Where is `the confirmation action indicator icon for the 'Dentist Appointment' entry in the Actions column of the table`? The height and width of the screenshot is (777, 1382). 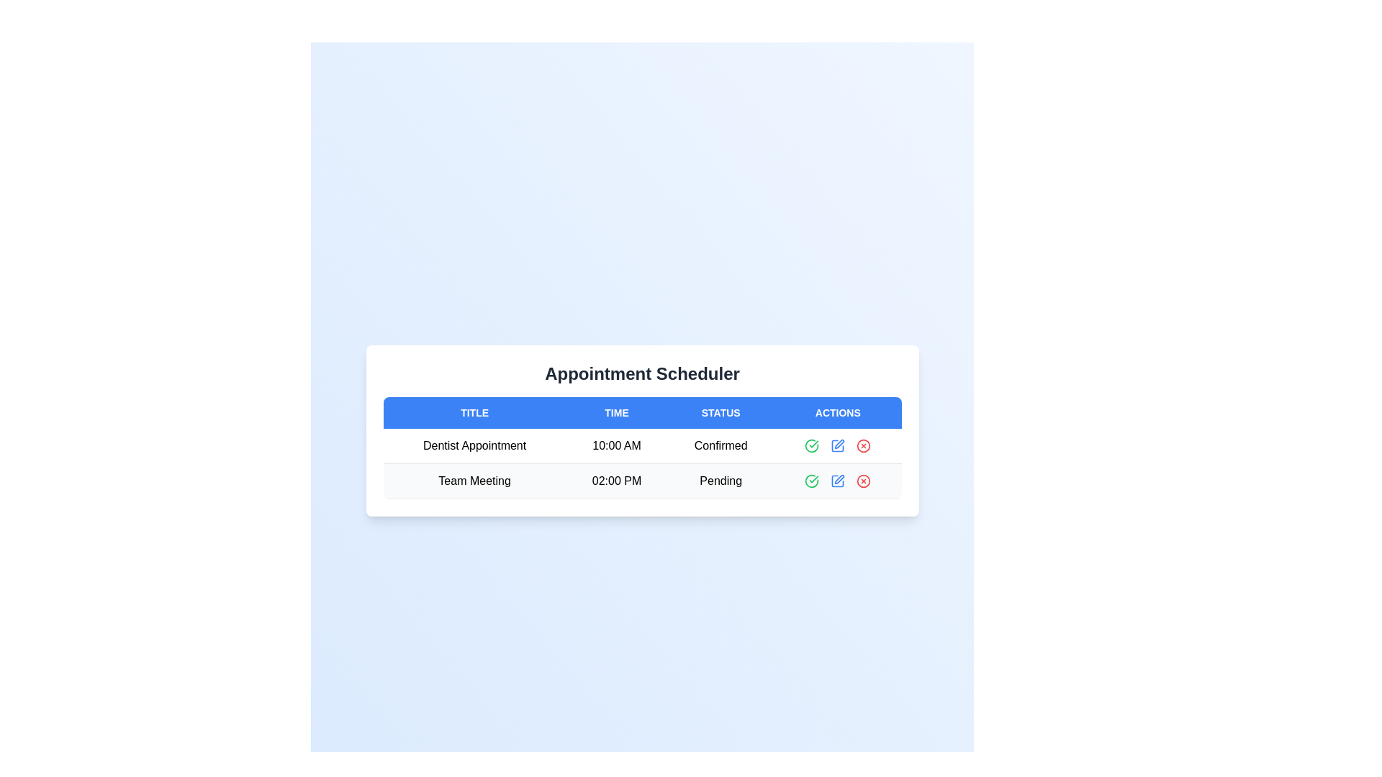 the confirmation action indicator icon for the 'Dentist Appointment' entry in the Actions column of the table is located at coordinates (812, 481).